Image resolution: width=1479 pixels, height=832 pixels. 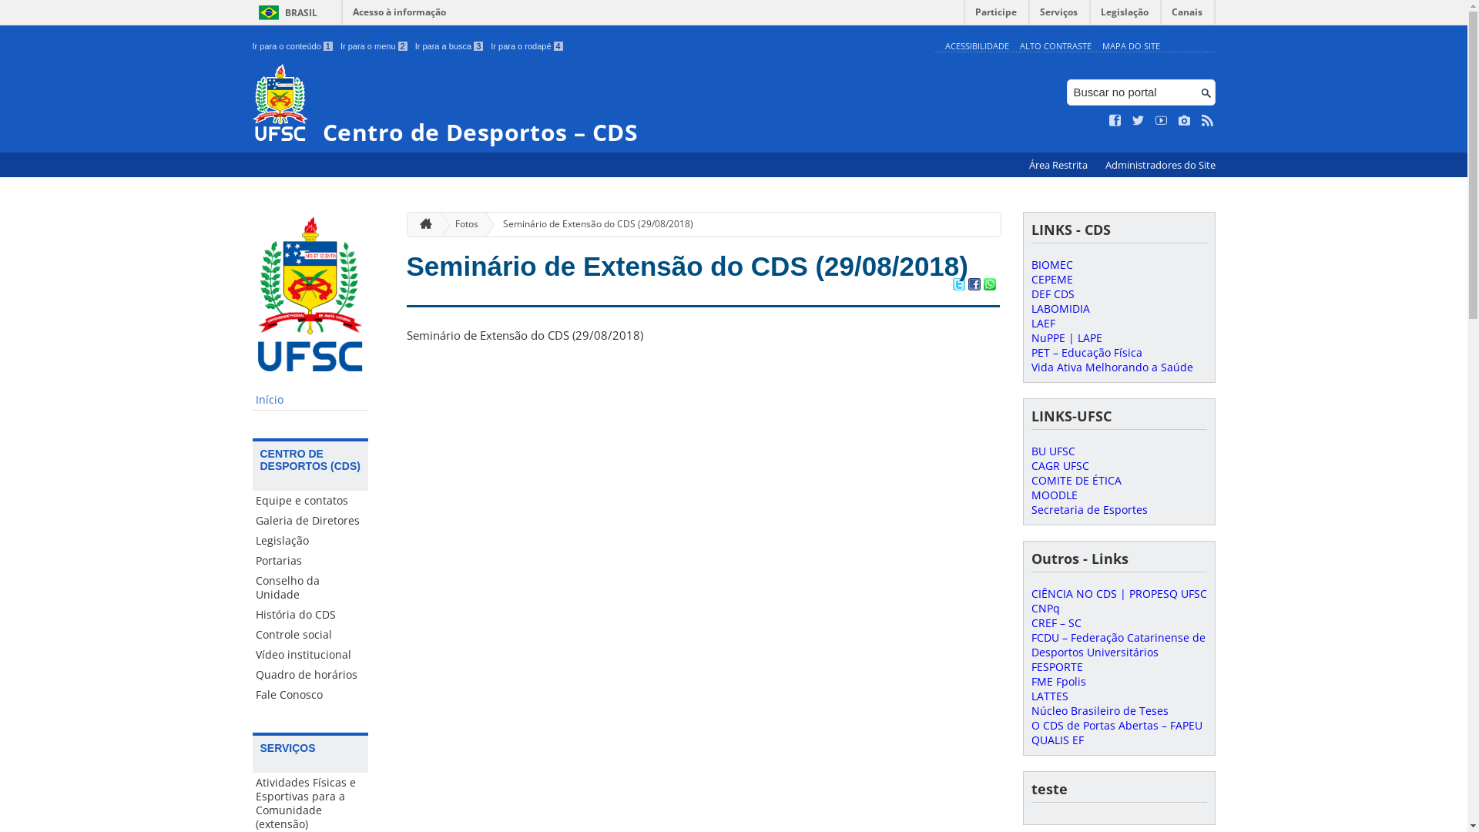 What do you see at coordinates (310, 501) in the screenshot?
I see `'Equipe e contatos'` at bounding box center [310, 501].